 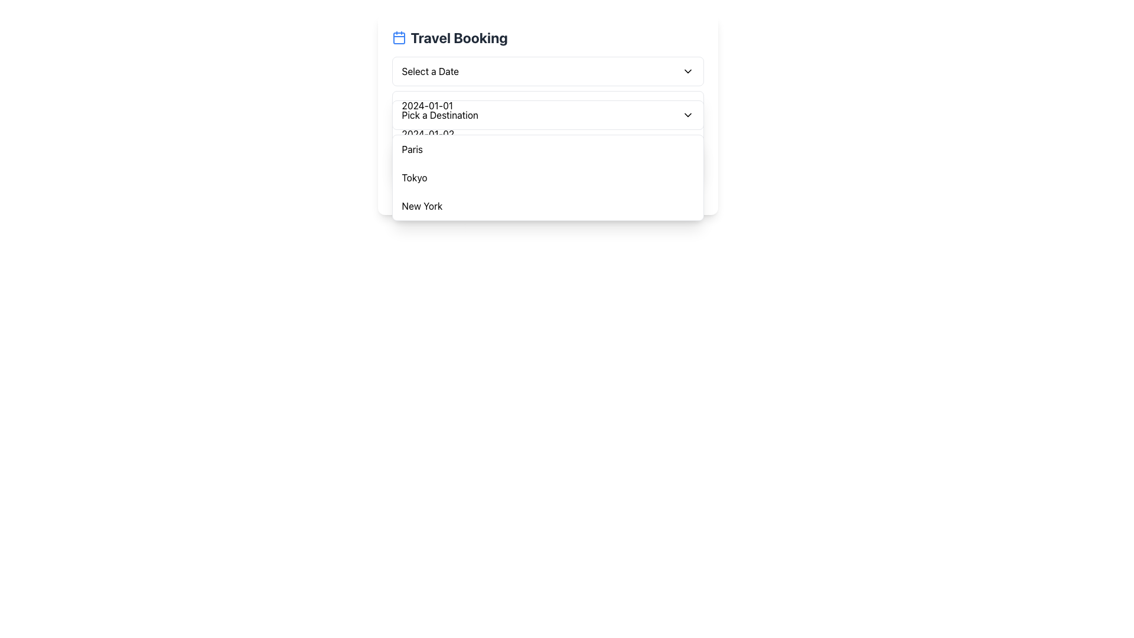 I want to click on the central rectangle within the blue calendar icon adjacent to the title 'Travel Booking', so click(x=399, y=38).